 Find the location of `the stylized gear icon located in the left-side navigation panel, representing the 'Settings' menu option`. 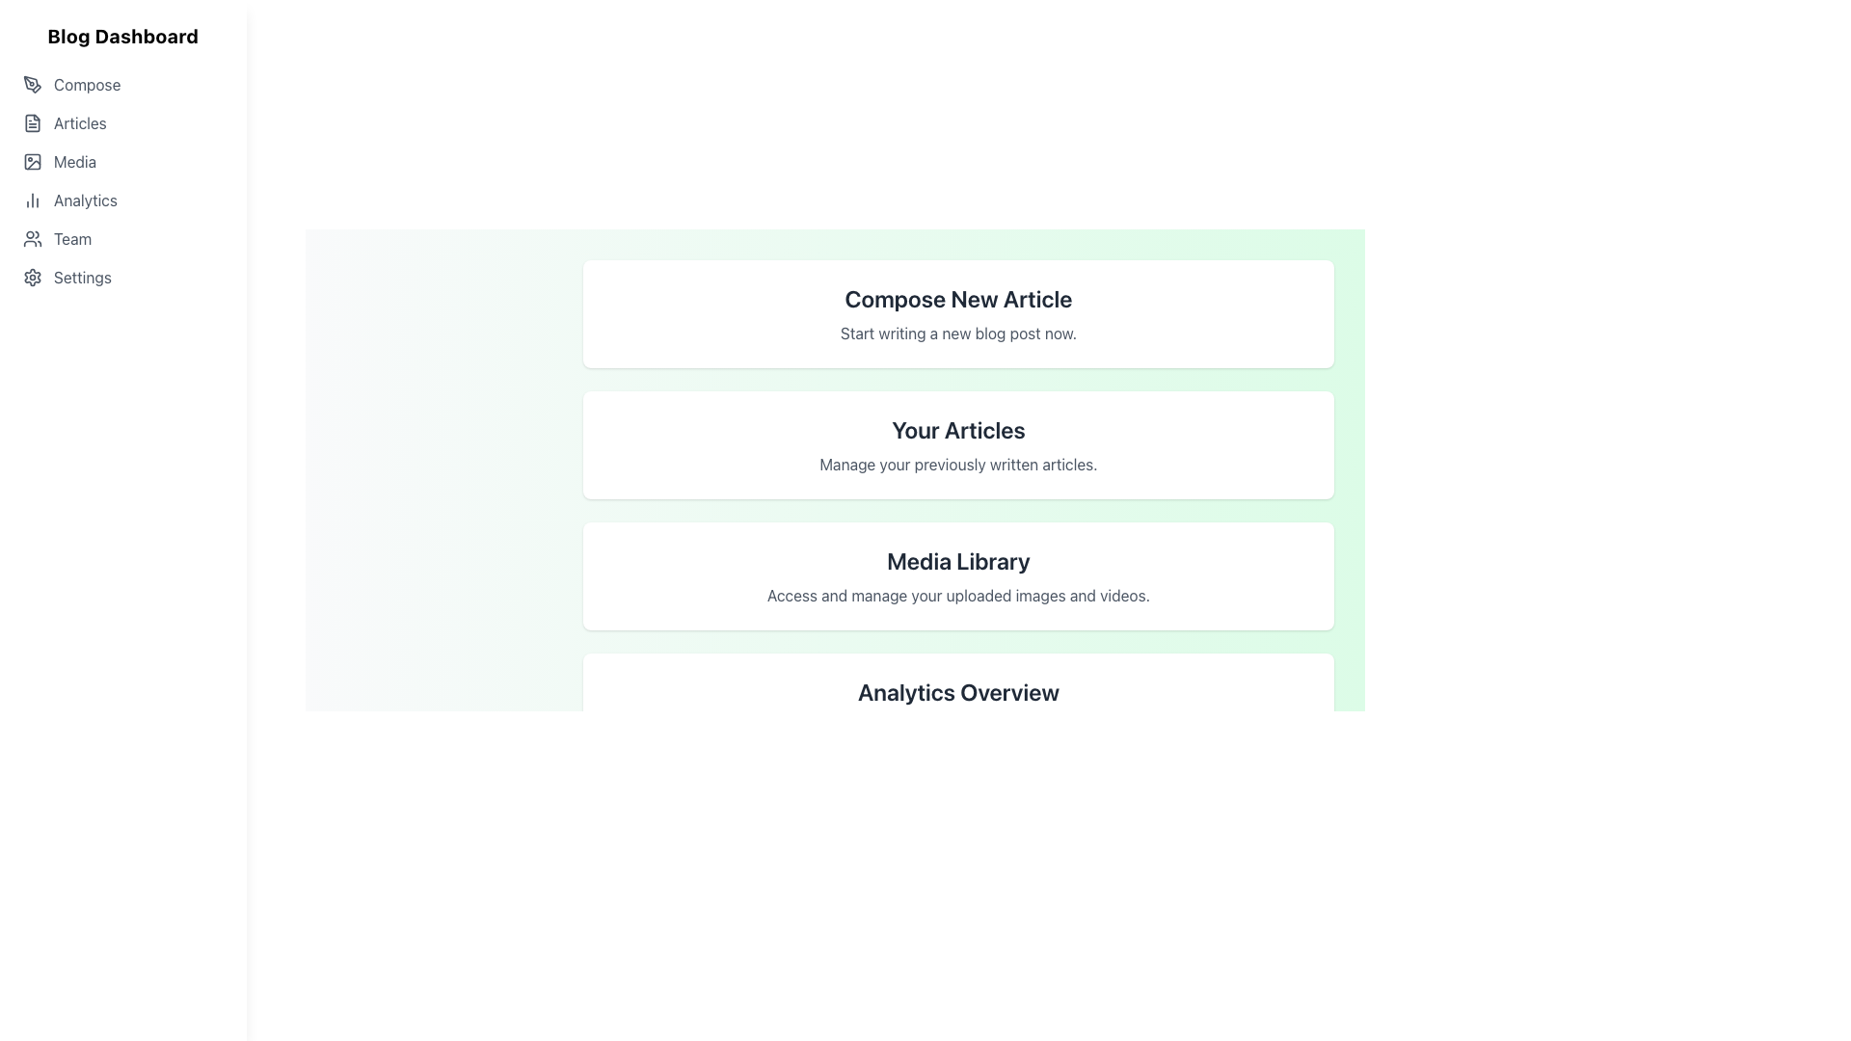

the stylized gear icon located in the left-side navigation panel, representing the 'Settings' menu option is located at coordinates (32, 278).